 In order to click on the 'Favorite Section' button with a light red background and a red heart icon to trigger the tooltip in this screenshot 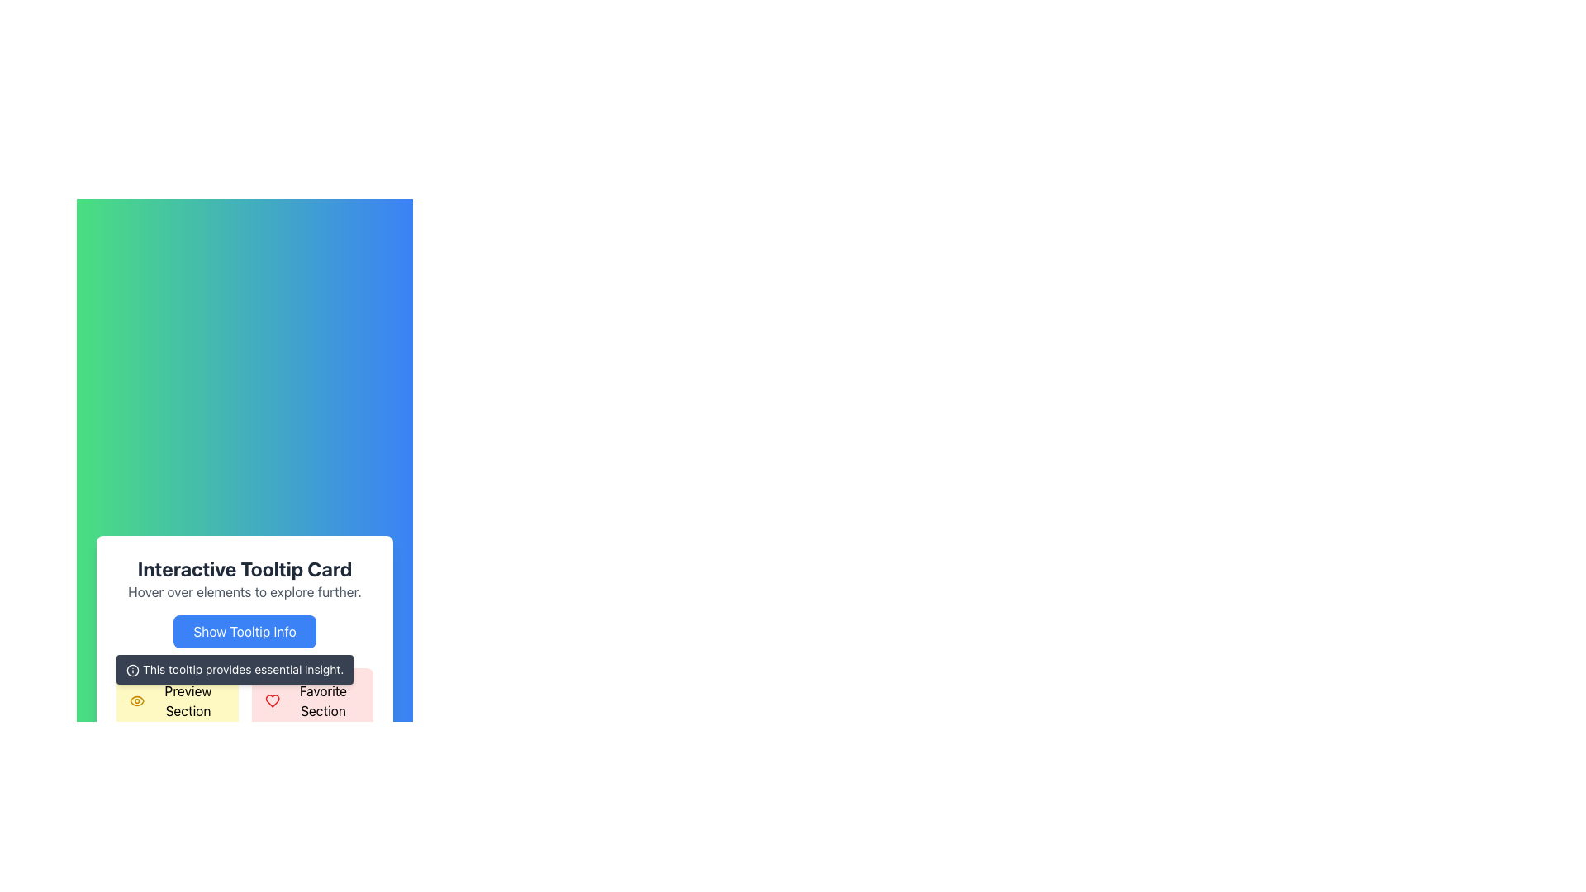, I will do `click(312, 700)`.